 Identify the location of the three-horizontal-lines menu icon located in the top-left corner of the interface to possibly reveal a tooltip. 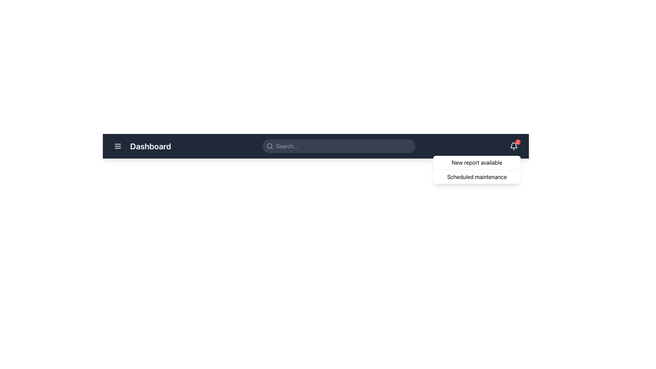
(118, 146).